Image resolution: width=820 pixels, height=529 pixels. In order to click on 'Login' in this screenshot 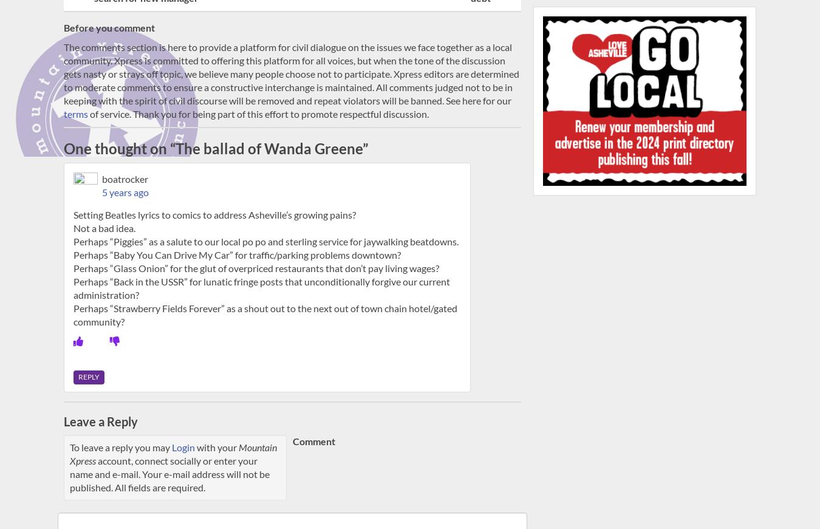, I will do `click(182, 447)`.